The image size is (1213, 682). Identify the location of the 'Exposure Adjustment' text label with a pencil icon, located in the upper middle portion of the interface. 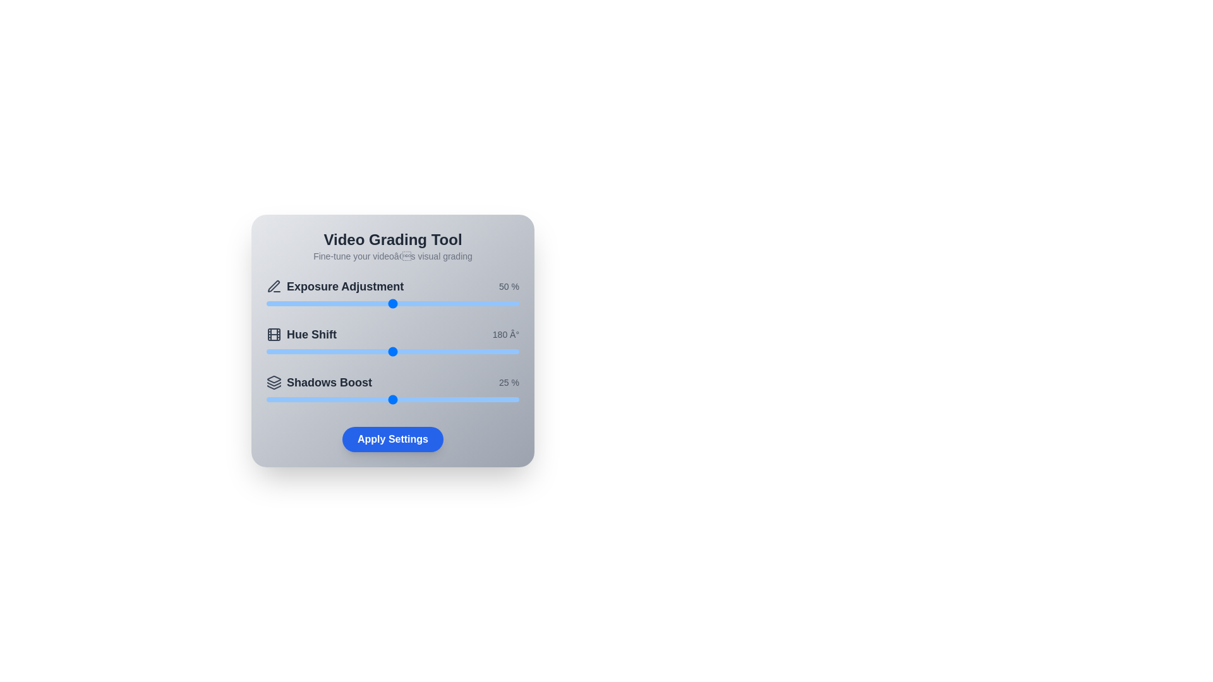
(335, 287).